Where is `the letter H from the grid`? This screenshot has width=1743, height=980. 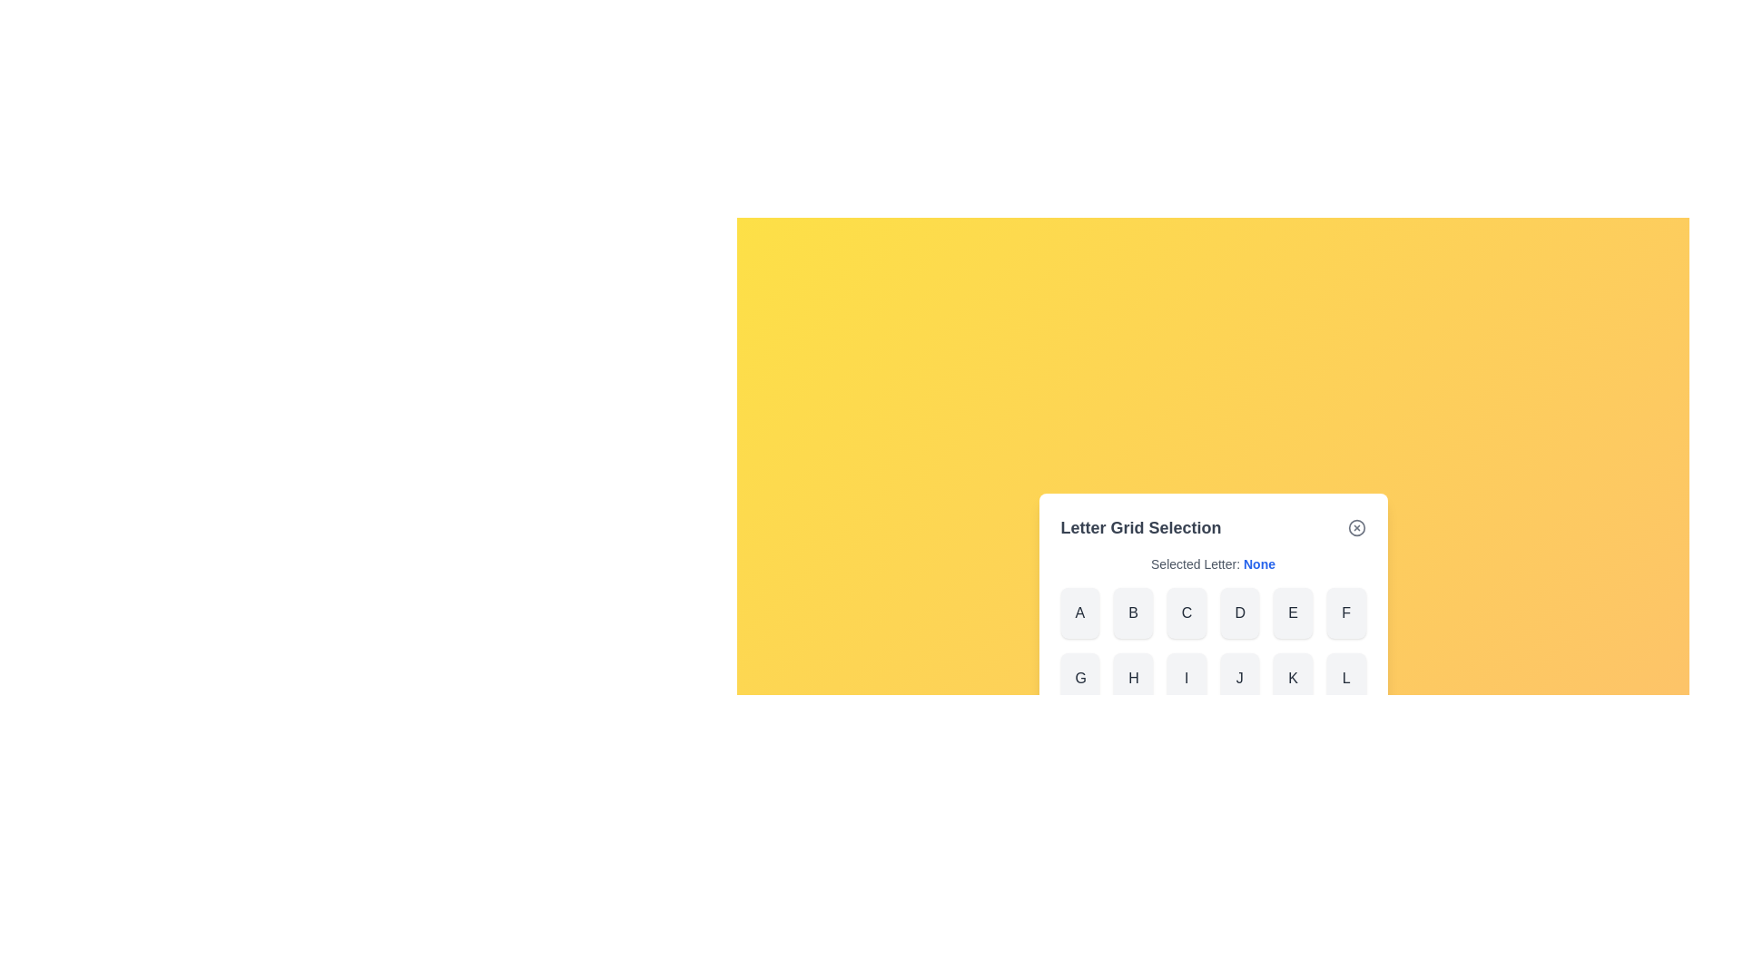 the letter H from the grid is located at coordinates (1132, 679).